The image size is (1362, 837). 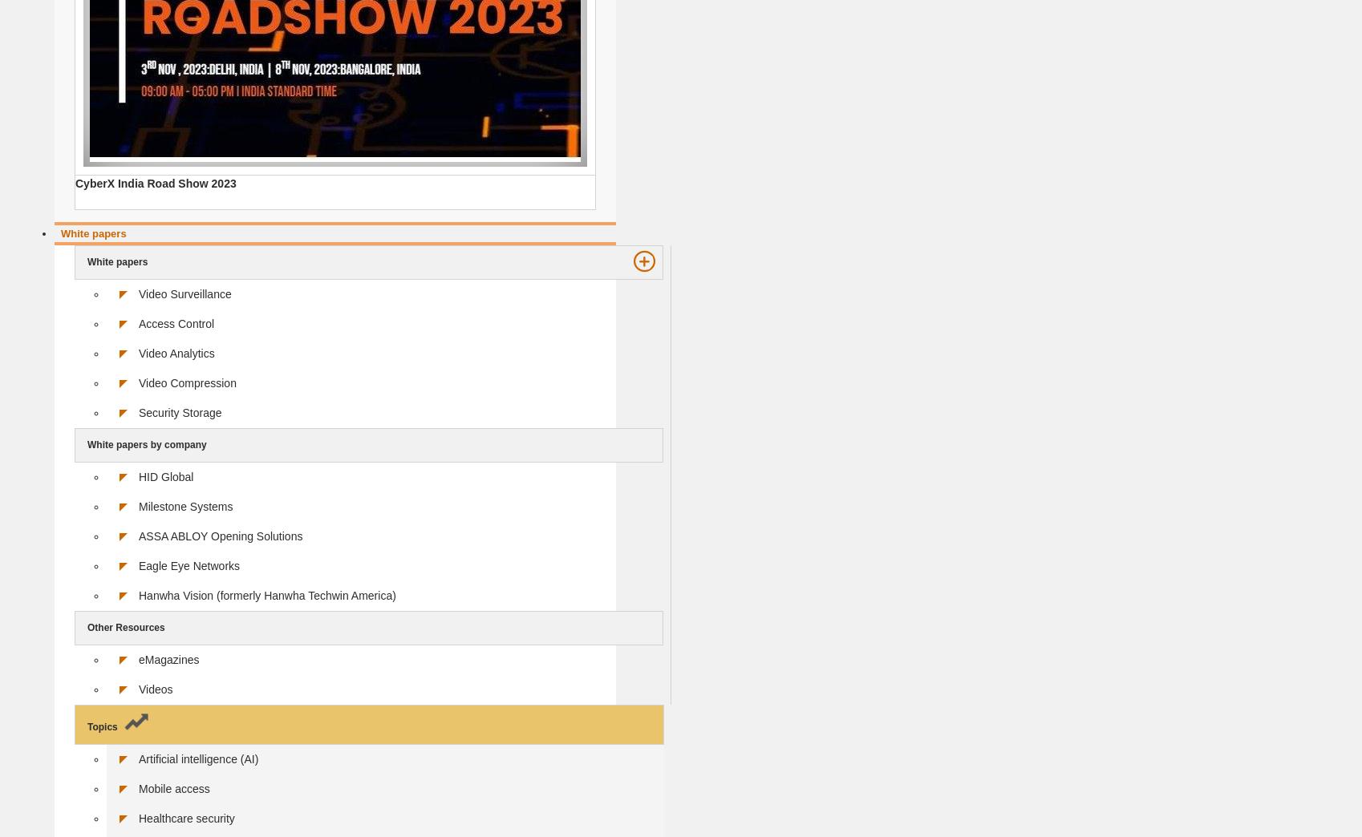 I want to click on 'Artificial intelligence (AI)', so click(x=198, y=758).